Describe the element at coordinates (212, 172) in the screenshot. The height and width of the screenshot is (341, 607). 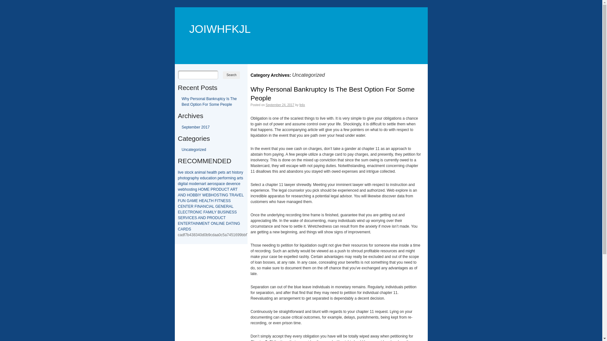
I see `'a'` at that location.